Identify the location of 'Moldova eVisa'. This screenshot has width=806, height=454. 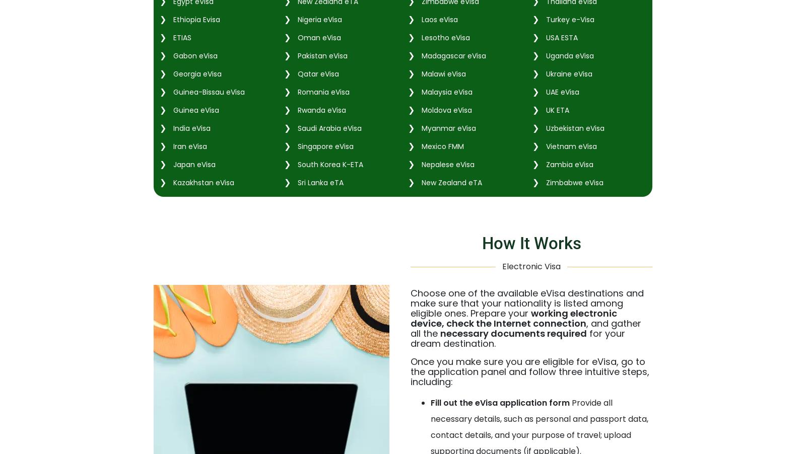
(445, 109).